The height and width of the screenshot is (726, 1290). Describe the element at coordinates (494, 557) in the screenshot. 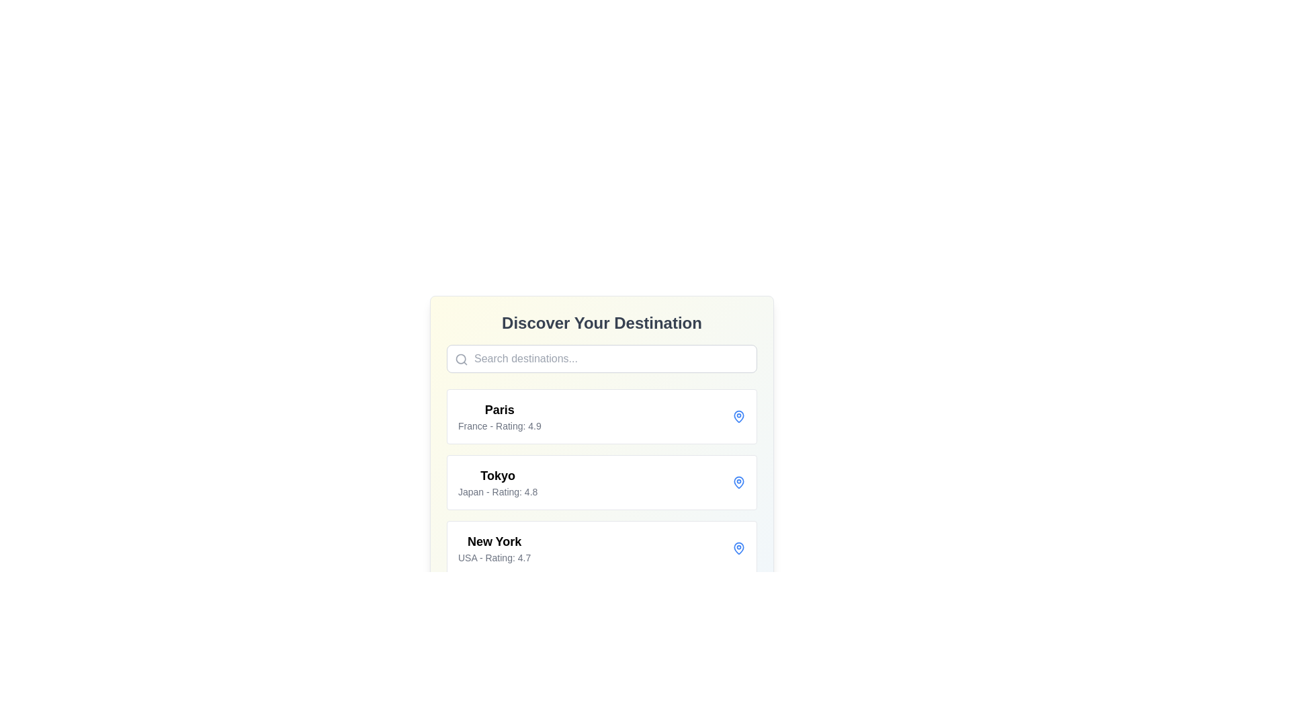

I see `text label displaying 'USA - Rating: 4.7' located beneath the title 'New York' in the entry box` at that location.